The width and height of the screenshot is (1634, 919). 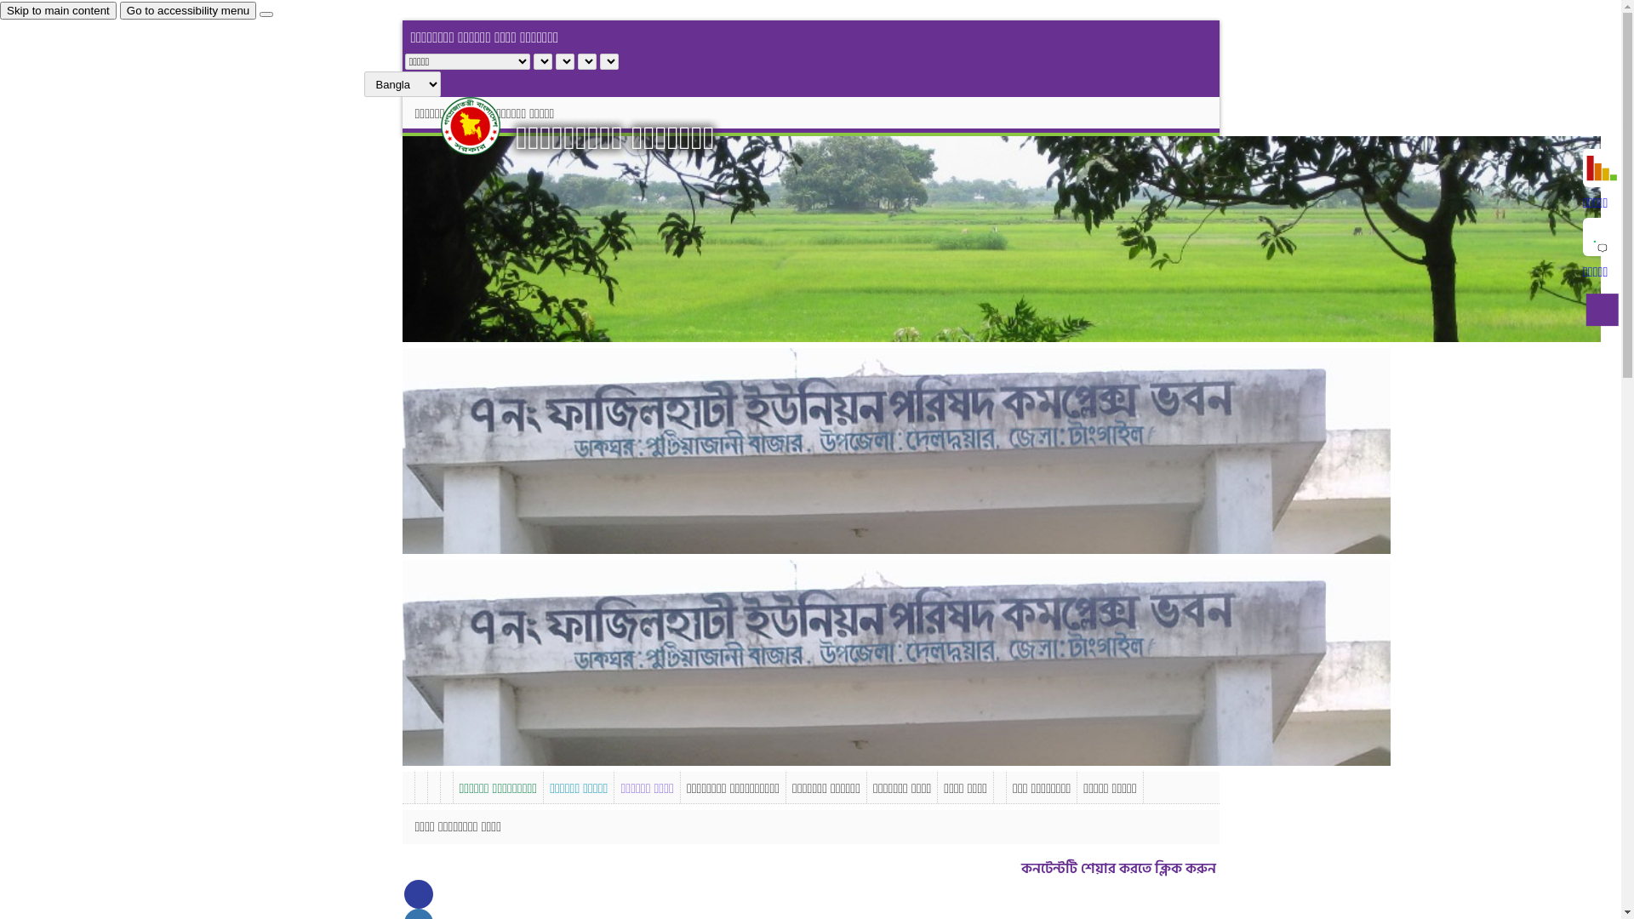 I want to click on 'Go to accessibility menu', so click(x=187, y=10).